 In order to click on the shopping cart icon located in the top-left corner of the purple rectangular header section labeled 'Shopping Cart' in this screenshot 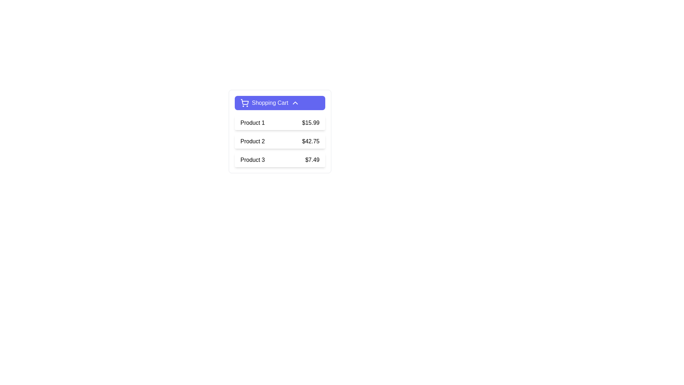, I will do `click(244, 102)`.